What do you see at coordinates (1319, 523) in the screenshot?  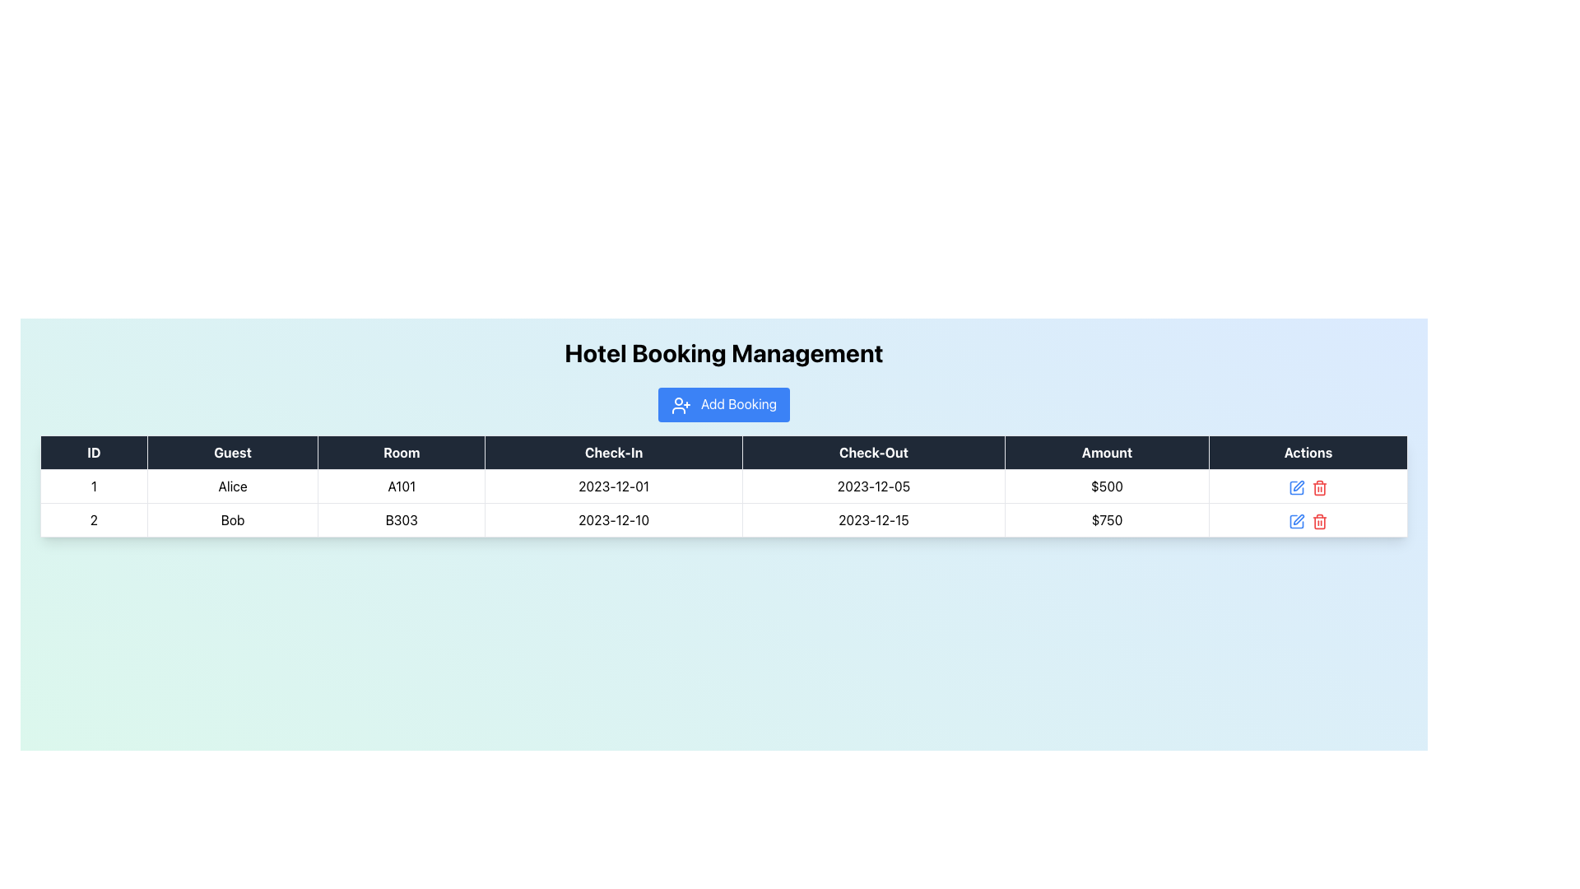 I see `the body of the trash can in the SVG delete icon to initiate the delete action` at bounding box center [1319, 523].